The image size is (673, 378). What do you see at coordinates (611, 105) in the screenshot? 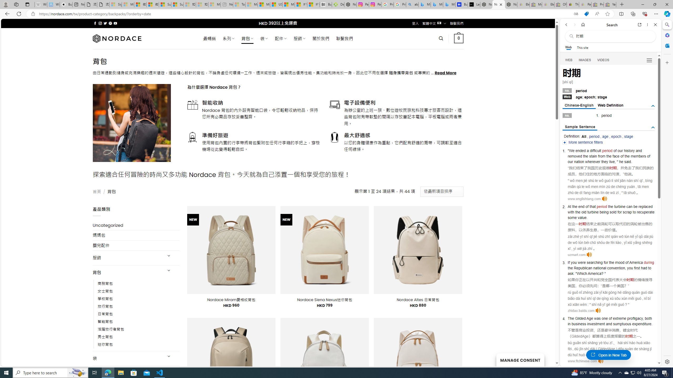
I see `'Web Definition'` at bounding box center [611, 105].